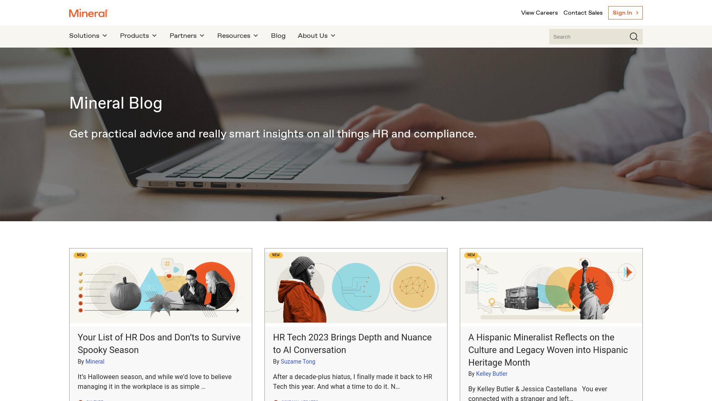  What do you see at coordinates (491, 373) in the screenshot?
I see `'Kelley Butler'` at bounding box center [491, 373].